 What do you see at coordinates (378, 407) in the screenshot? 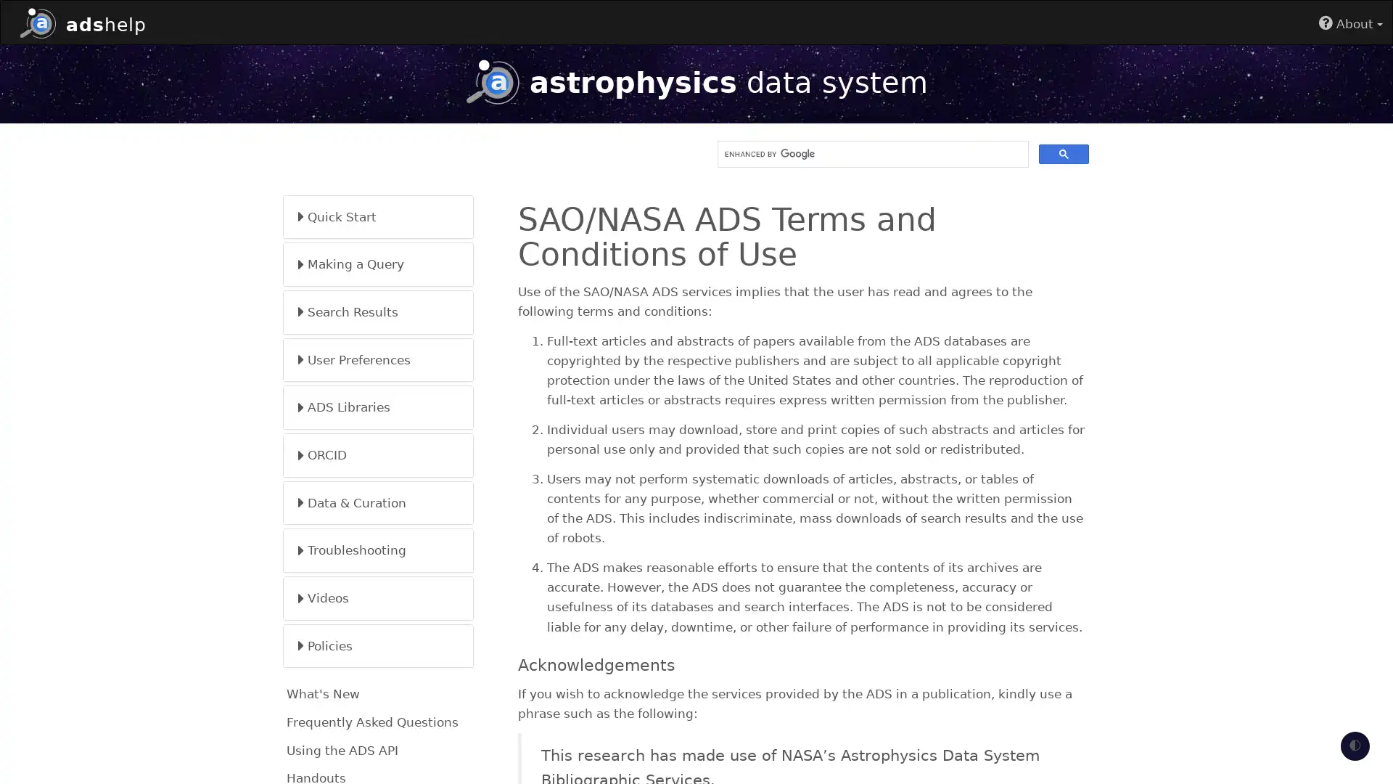
I see `ADS Libraries` at bounding box center [378, 407].